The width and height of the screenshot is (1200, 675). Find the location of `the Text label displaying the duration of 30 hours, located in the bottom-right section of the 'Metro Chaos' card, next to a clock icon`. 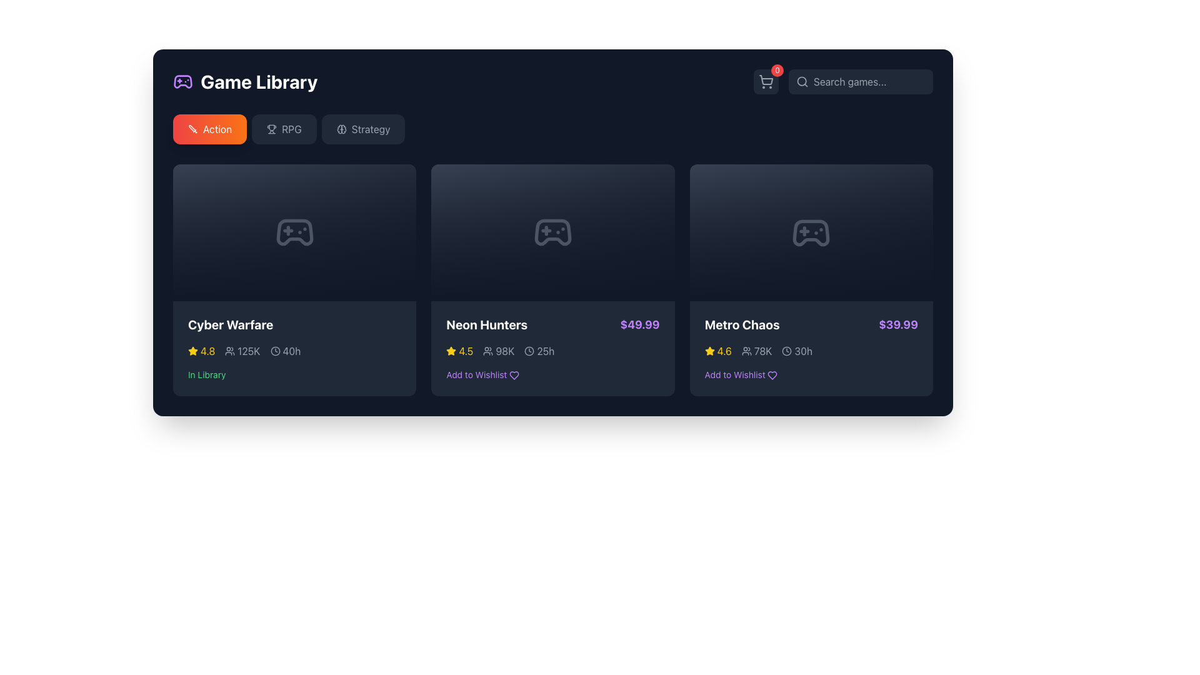

the Text label displaying the duration of 30 hours, located in the bottom-right section of the 'Metro Chaos' card, next to a clock icon is located at coordinates (803, 351).